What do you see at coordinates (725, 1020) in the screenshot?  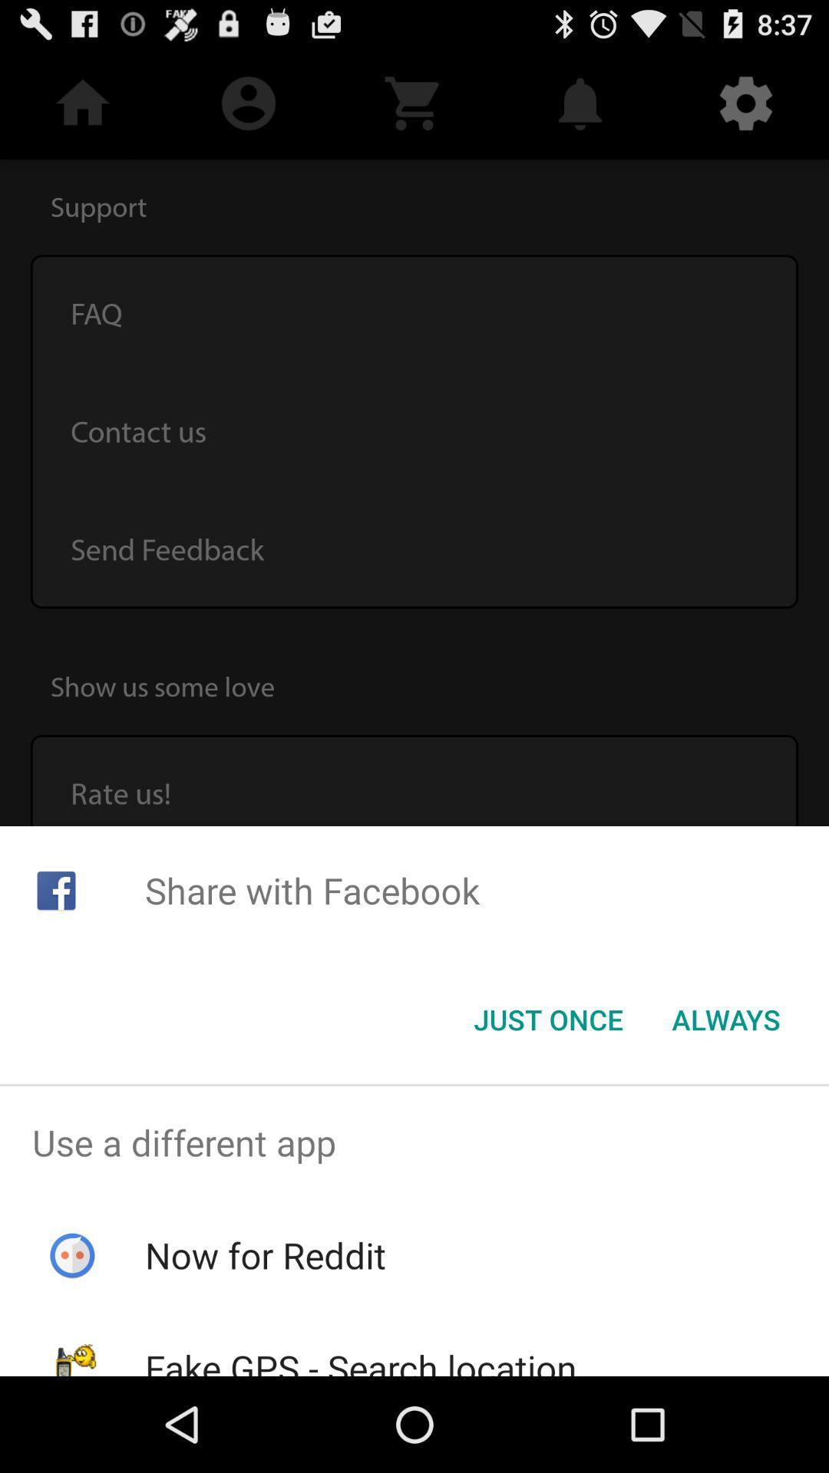 I see `icon to the right of just once icon` at bounding box center [725, 1020].